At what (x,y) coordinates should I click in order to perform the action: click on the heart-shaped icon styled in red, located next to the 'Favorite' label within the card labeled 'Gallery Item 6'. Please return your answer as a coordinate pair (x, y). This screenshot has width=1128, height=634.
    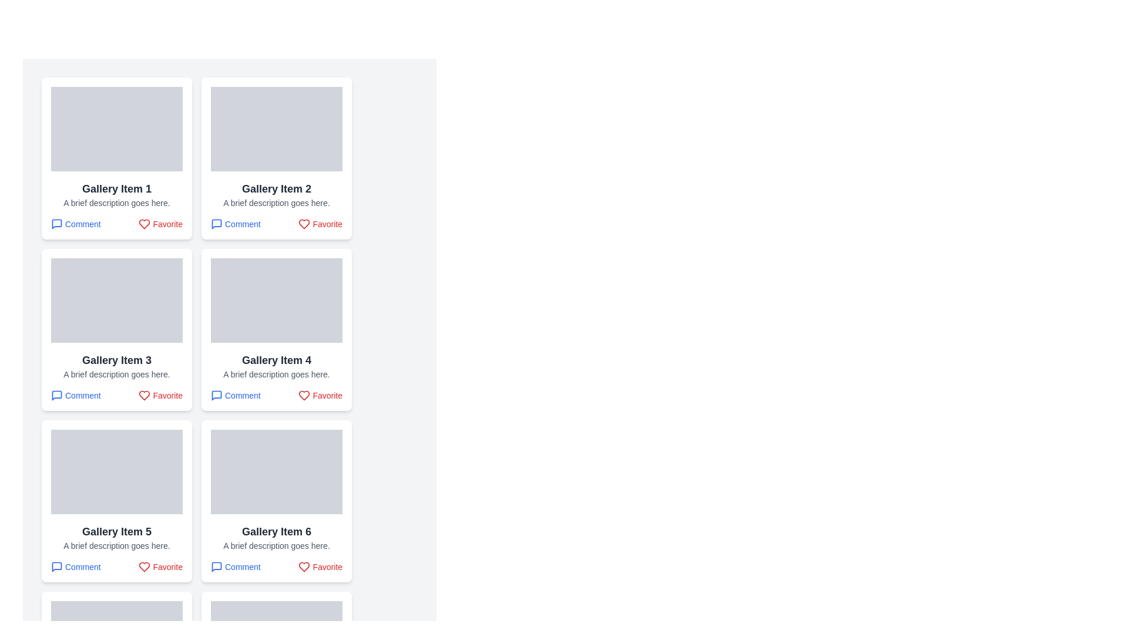
    Looking at the image, I should click on (304, 566).